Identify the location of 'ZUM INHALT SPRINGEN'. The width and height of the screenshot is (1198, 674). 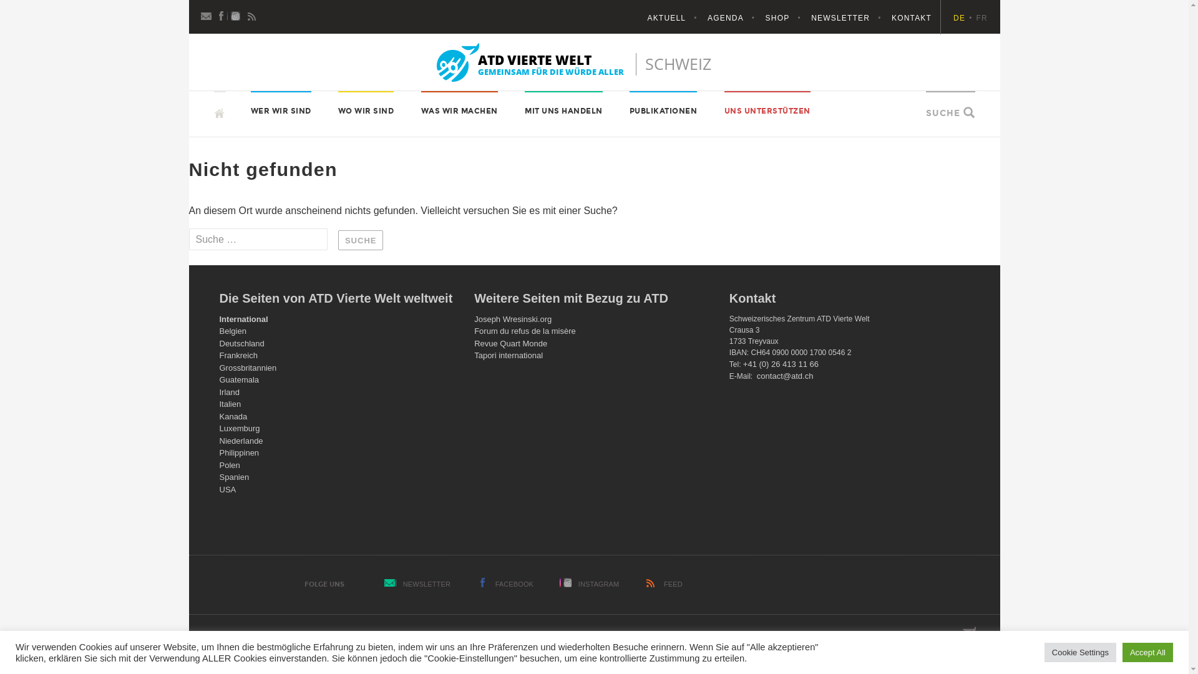
(213, 90).